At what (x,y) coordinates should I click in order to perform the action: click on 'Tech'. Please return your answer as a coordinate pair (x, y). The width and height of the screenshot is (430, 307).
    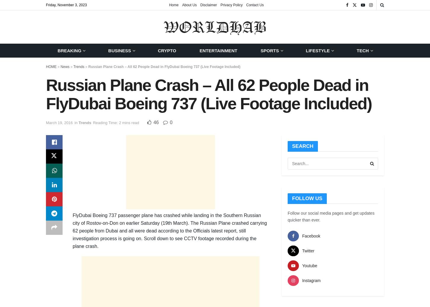
    Looking at the image, I should click on (362, 50).